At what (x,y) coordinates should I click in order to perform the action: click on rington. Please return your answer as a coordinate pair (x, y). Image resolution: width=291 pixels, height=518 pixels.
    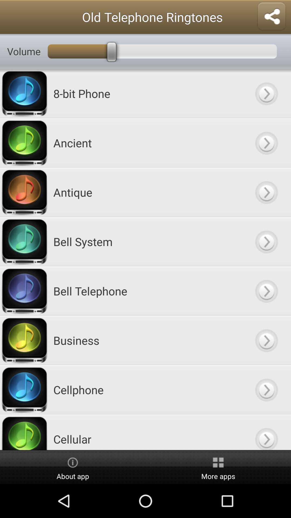
    Looking at the image, I should click on (266, 390).